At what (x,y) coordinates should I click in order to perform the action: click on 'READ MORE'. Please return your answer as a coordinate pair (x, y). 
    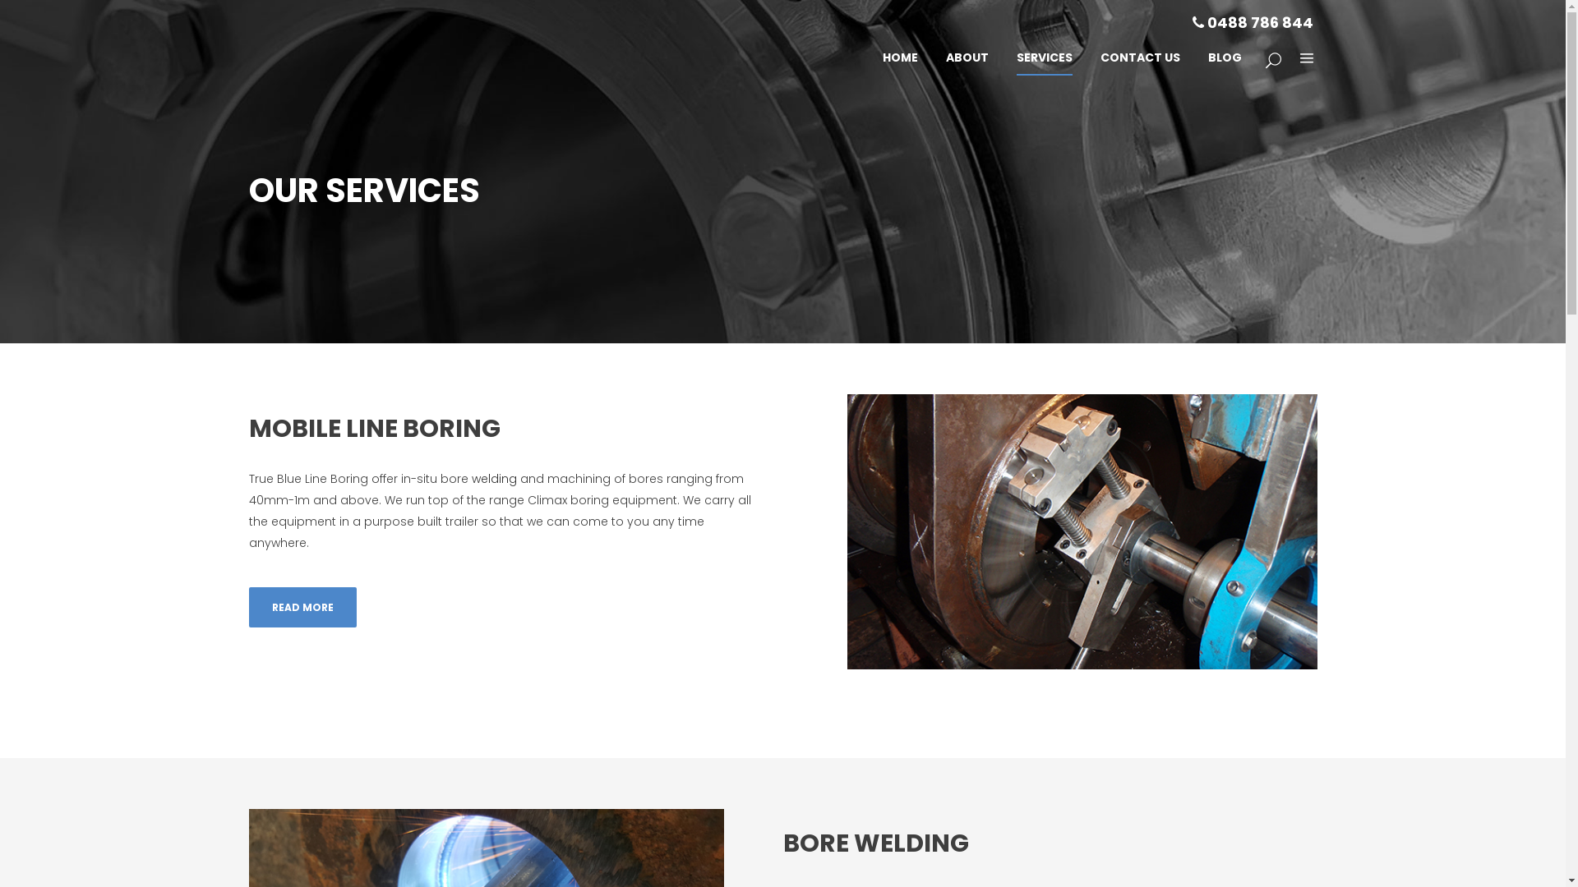
    Looking at the image, I should click on (302, 607).